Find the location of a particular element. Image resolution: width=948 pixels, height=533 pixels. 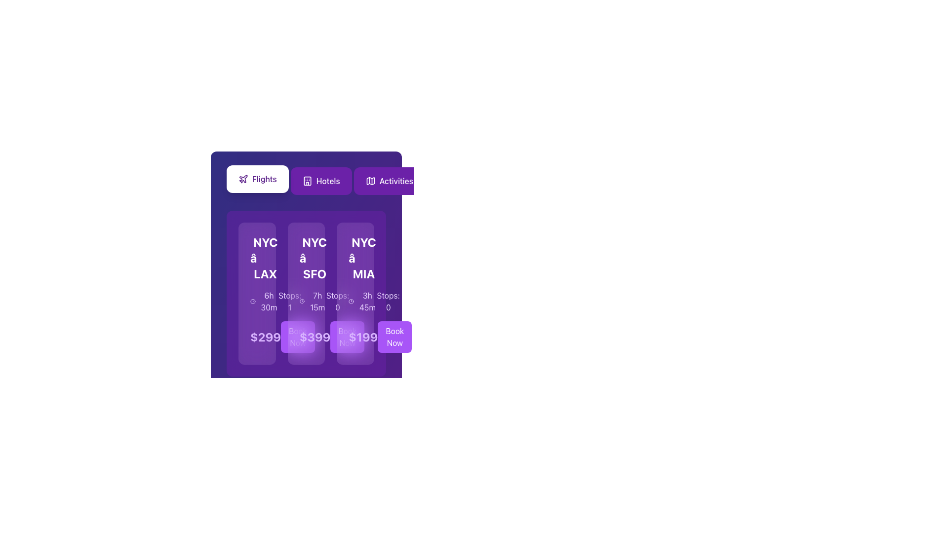

the 'Hotels' icon located in the top navigation bar, which visually represents the 'Hotels' section of the application is located at coordinates (307, 181).